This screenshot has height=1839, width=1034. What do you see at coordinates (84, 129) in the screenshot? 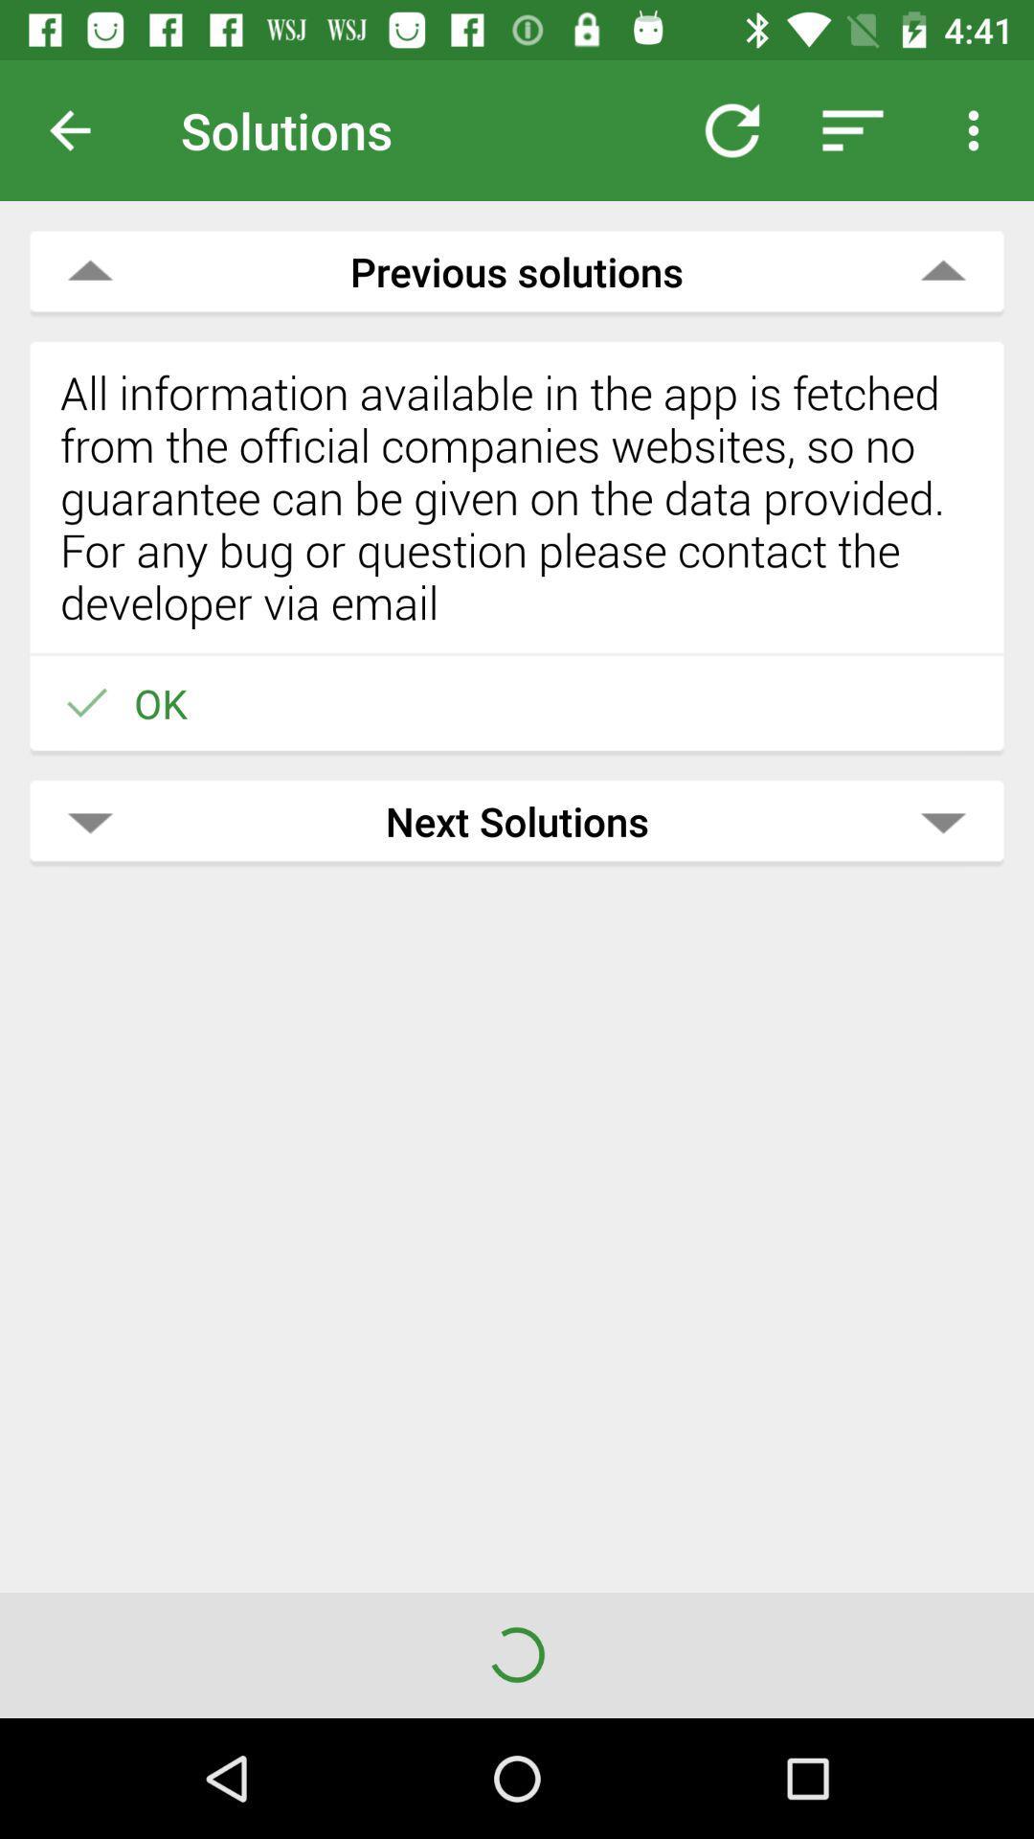
I see `go back` at bounding box center [84, 129].